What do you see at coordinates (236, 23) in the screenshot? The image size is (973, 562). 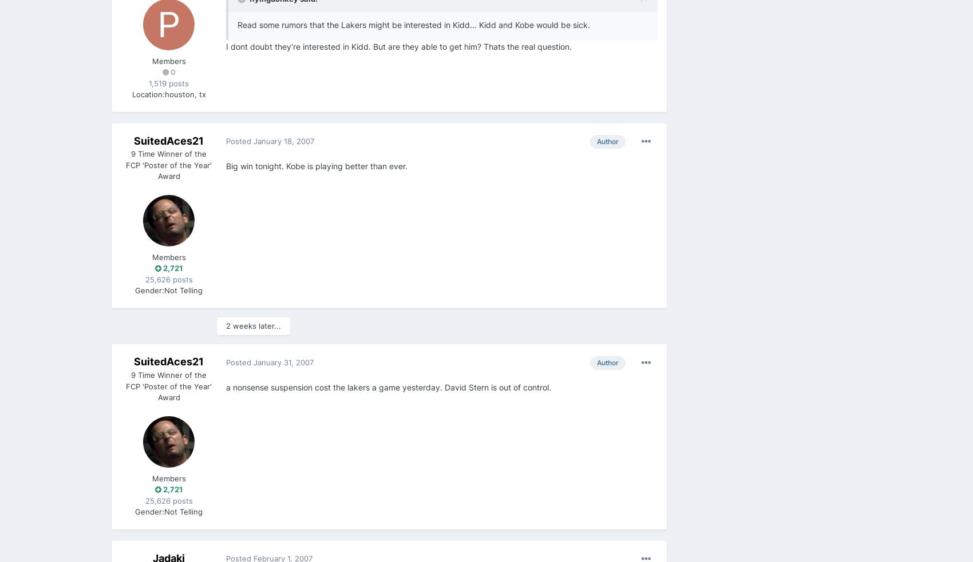 I see `'Read some rumors that the Lakers might be interested in Kidd... Kidd and Kobe would be sick.'` at bounding box center [236, 23].